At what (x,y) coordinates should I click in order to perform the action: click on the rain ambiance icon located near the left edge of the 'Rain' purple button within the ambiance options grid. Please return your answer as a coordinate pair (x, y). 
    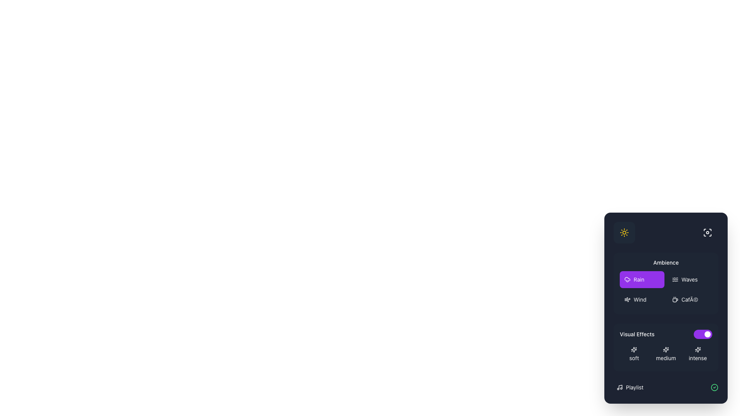
    Looking at the image, I should click on (627, 279).